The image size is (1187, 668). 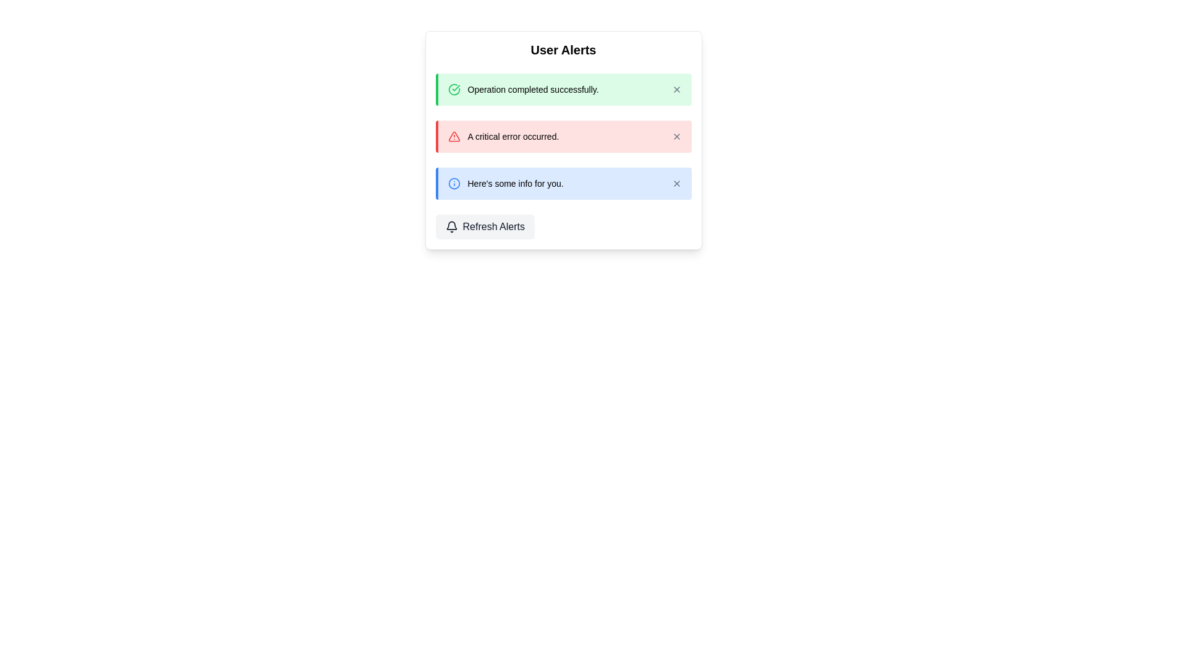 I want to click on the Notification message that indicates an operation has been successfully completed, located under the header 'User Alerts', so click(x=563, y=89).